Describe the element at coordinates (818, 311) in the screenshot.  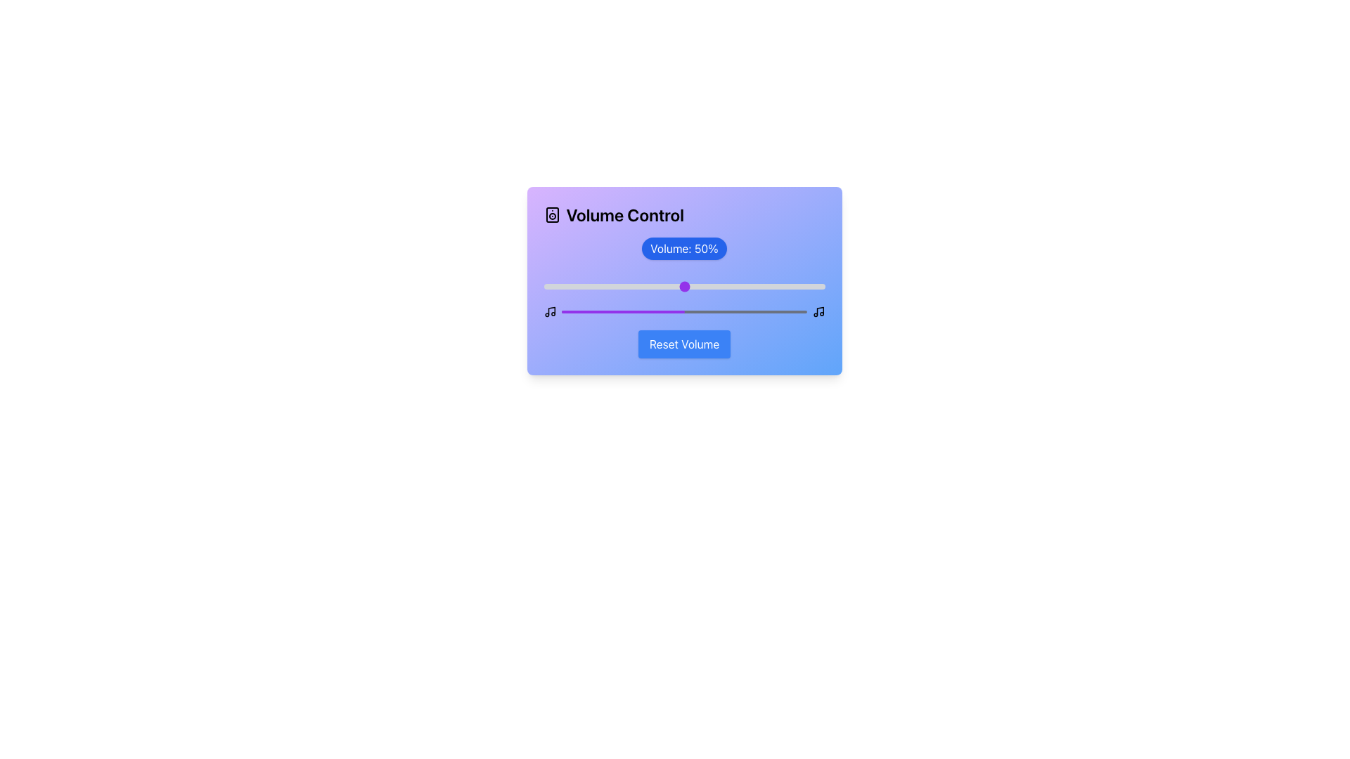
I see `the music/audio icon, which is the rightmost in a row of icons, positioned near the bottom-right corner adjacent to a progress bar` at that location.